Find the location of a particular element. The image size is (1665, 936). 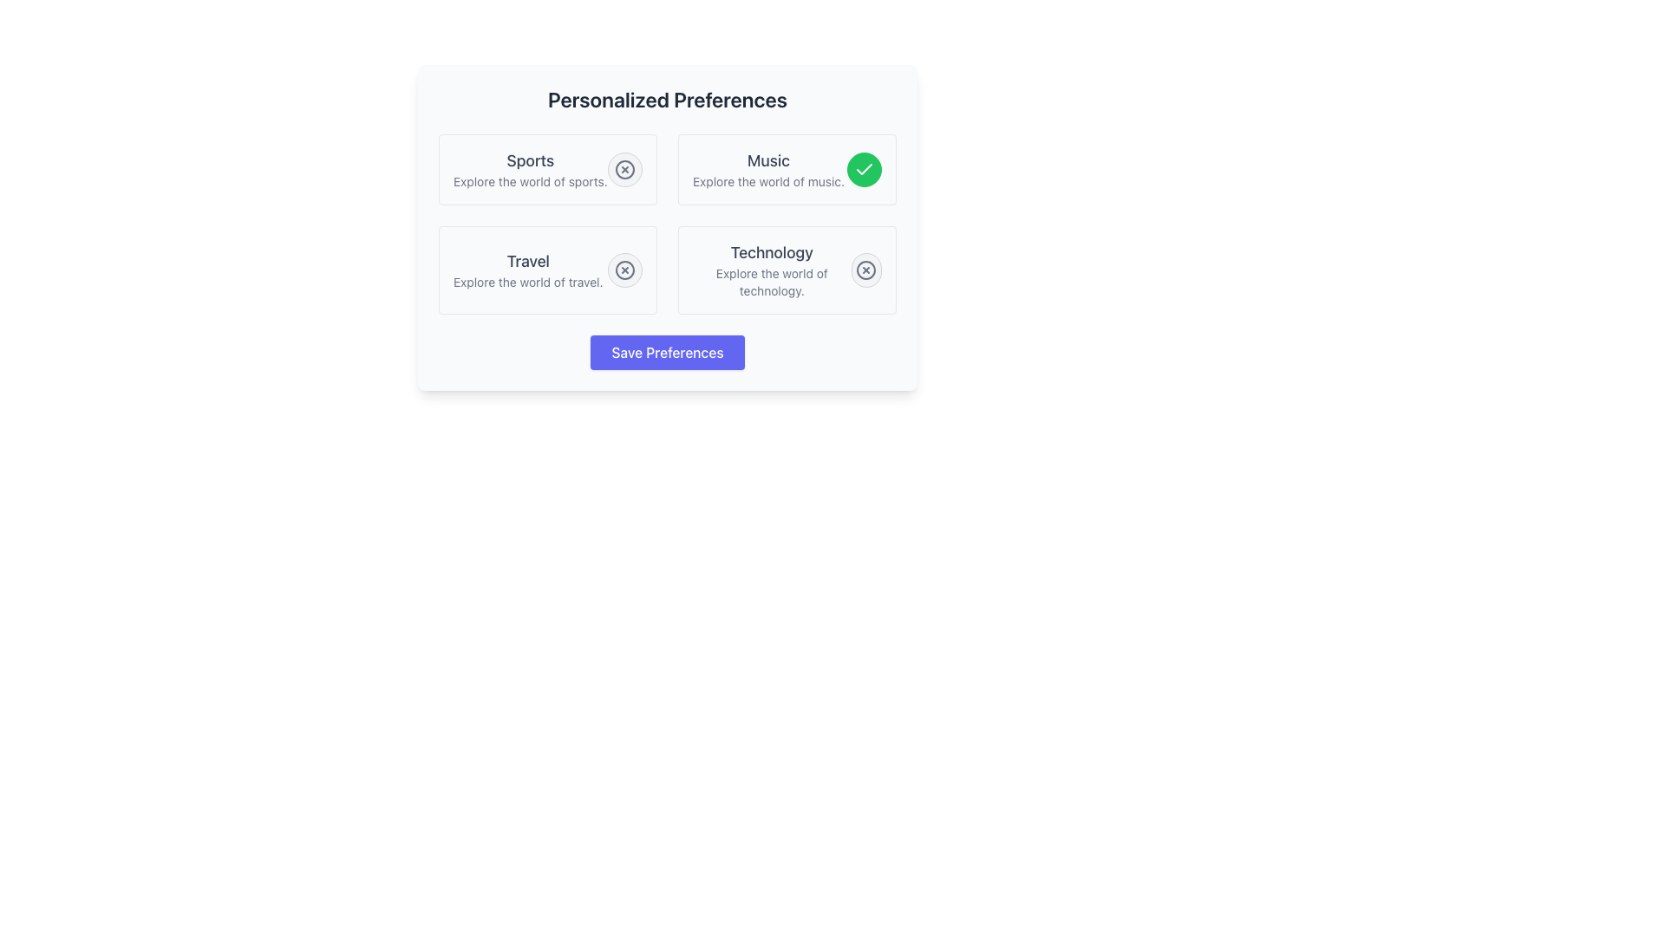

the text label that identifies the category 'Music' at the top center of the card is located at coordinates (767, 160).